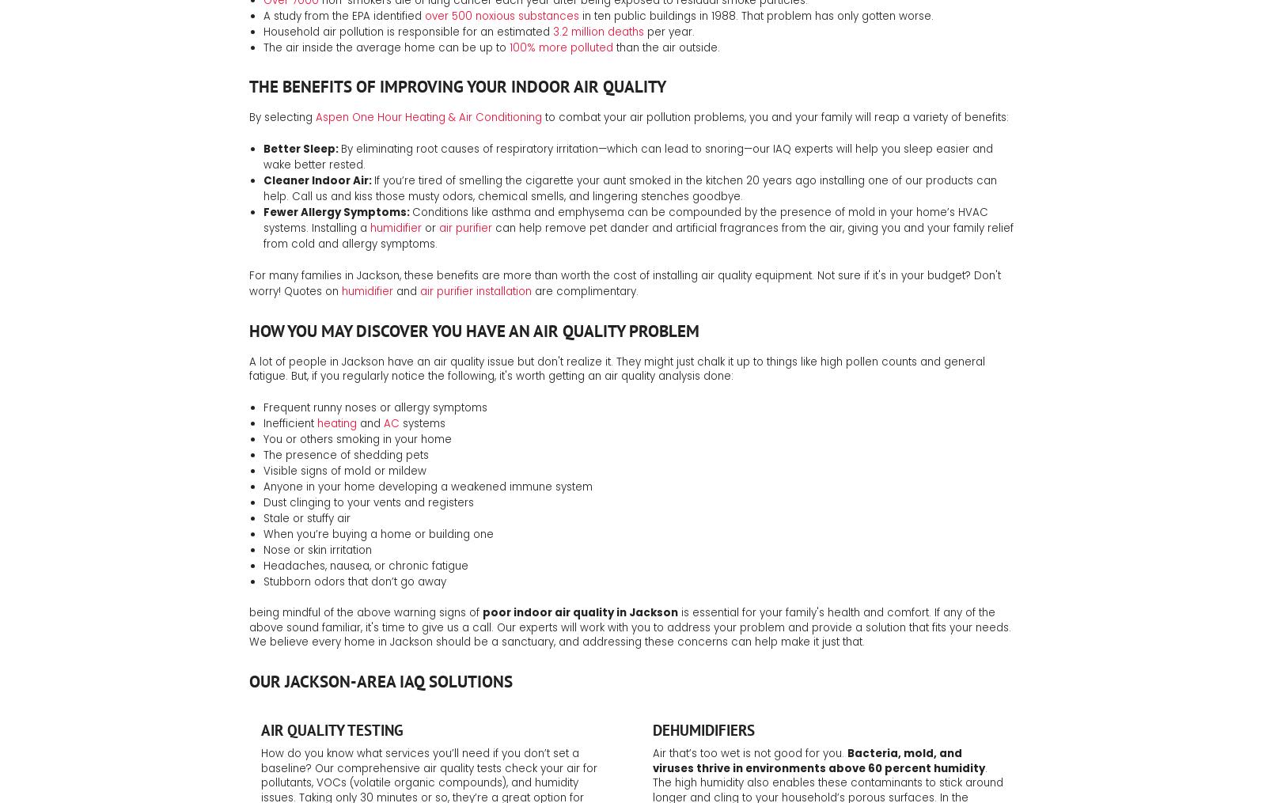 This screenshot has width=1266, height=803. Describe the element at coordinates (263, 219) in the screenshot. I see `'Conditions like asthma and emphysema can be compounded by the presence of mold in your home’s HVAC systems. Installing a'` at that location.